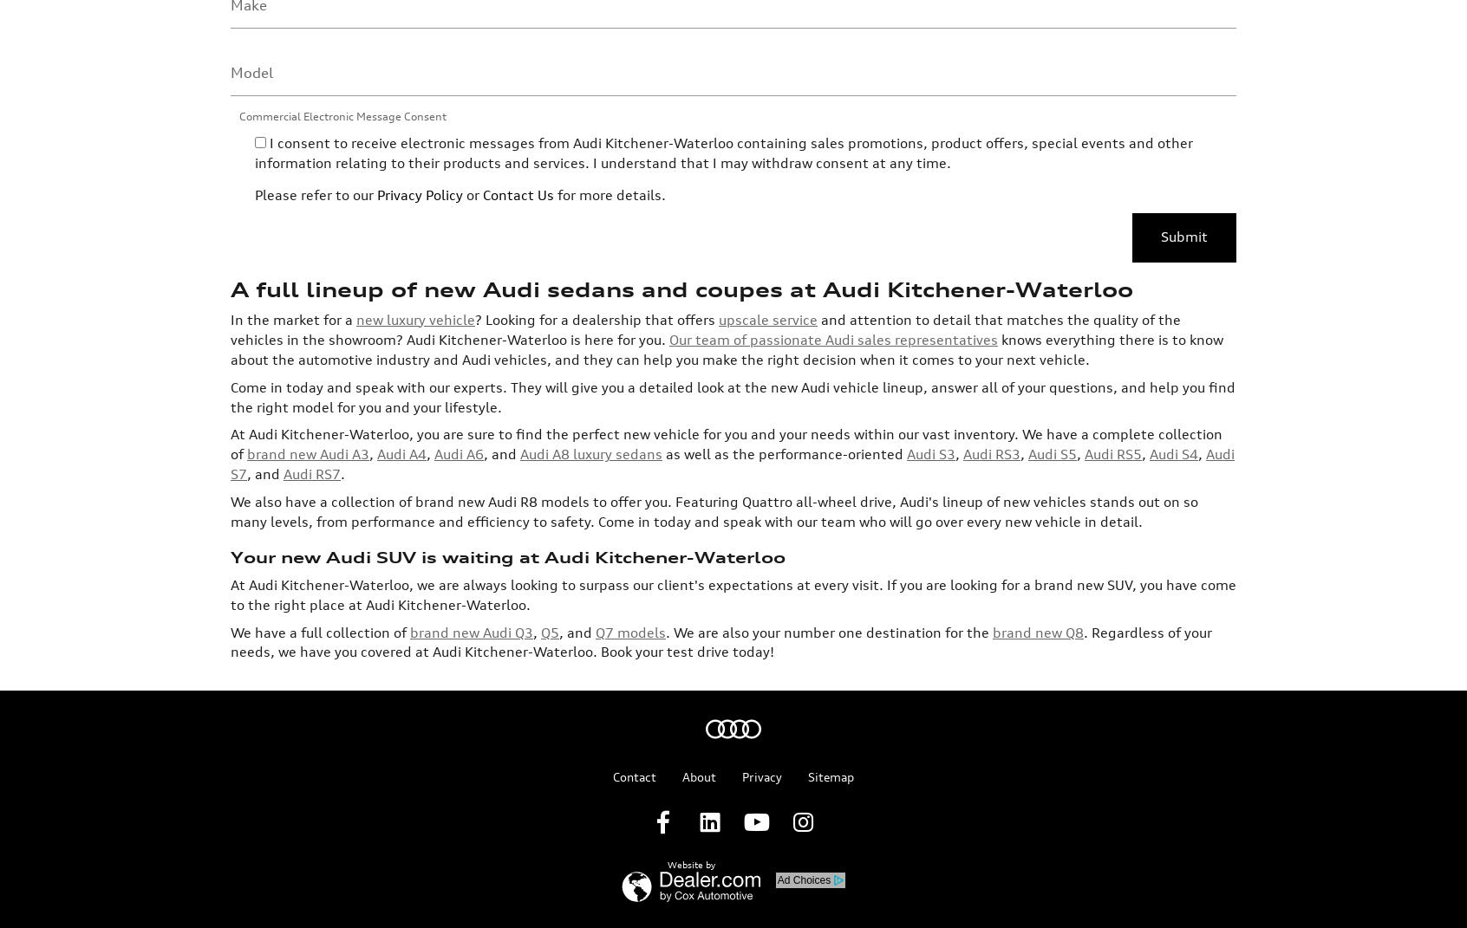 This screenshot has width=1467, height=928. What do you see at coordinates (766, 178) in the screenshot?
I see `'upscale service'` at bounding box center [766, 178].